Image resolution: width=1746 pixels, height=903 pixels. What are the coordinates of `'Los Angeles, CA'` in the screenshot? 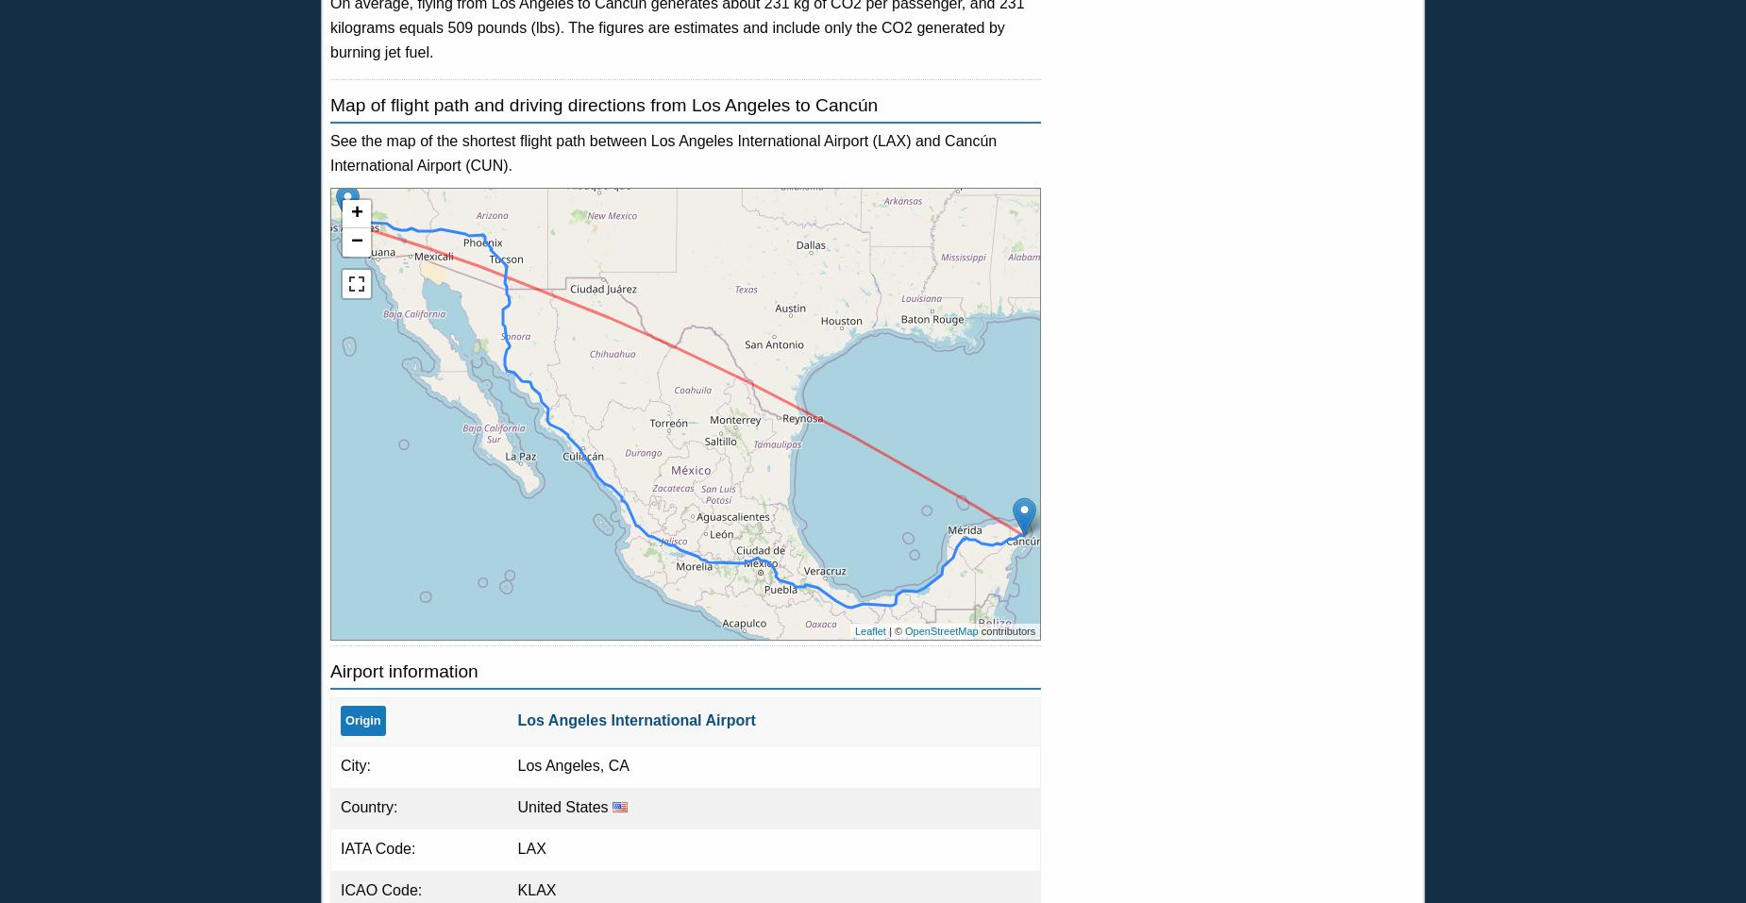 It's located at (572, 763).